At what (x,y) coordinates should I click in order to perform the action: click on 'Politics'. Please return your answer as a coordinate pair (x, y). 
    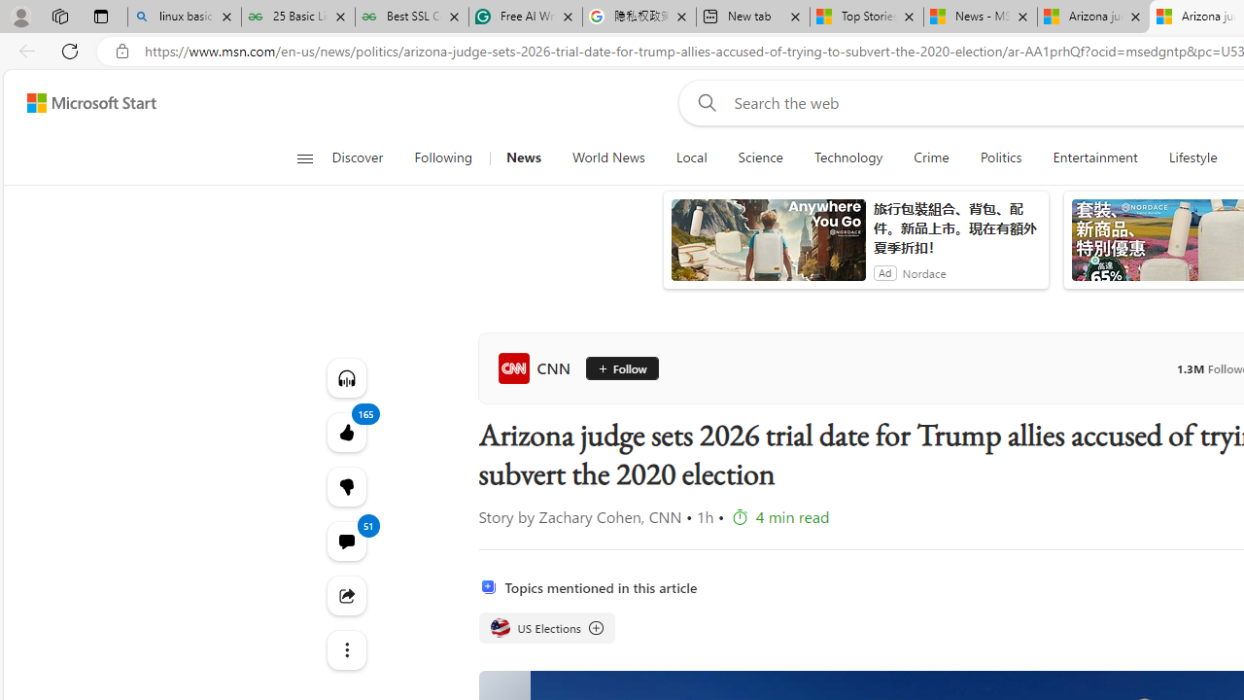
    Looking at the image, I should click on (1001, 157).